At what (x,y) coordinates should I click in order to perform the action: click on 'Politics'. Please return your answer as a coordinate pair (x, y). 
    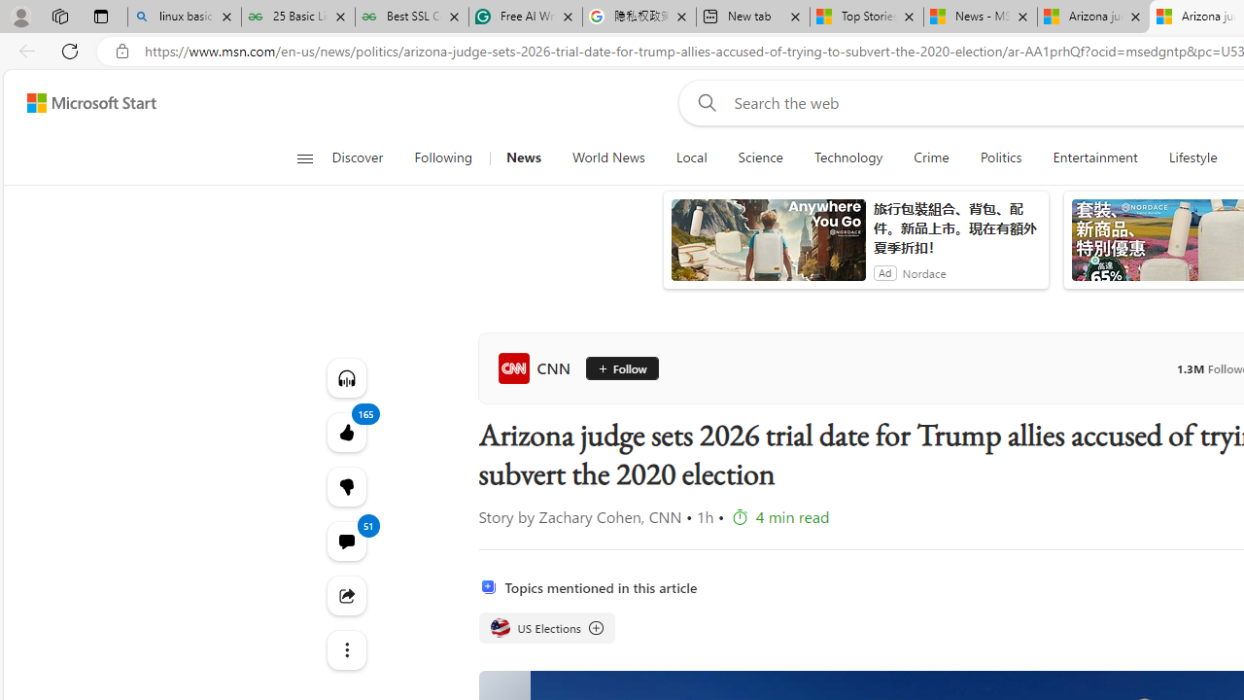
    Looking at the image, I should click on (1001, 157).